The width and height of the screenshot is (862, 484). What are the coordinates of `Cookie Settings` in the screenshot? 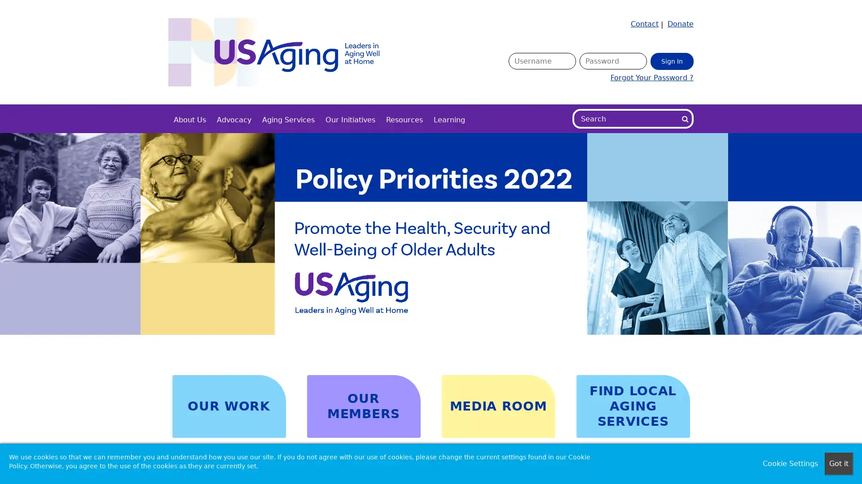 It's located at (790, 463).